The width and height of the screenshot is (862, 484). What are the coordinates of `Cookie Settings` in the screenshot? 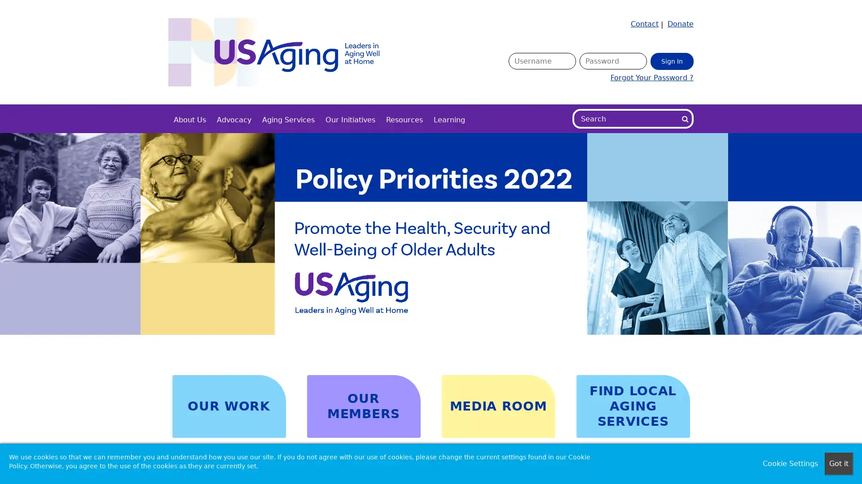 It's located at (790, 463).